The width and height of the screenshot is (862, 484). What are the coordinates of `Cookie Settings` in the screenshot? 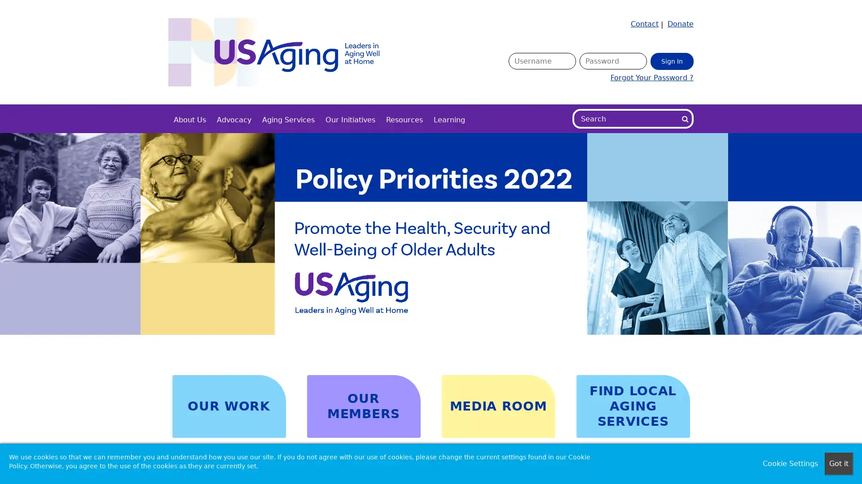 It's located at (790, 463).